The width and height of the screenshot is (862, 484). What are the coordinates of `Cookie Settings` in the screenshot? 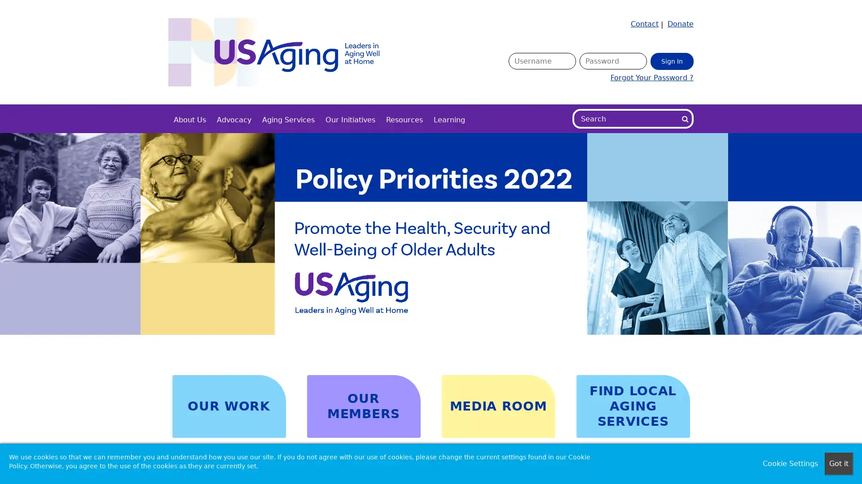 It's located at (790, 463).